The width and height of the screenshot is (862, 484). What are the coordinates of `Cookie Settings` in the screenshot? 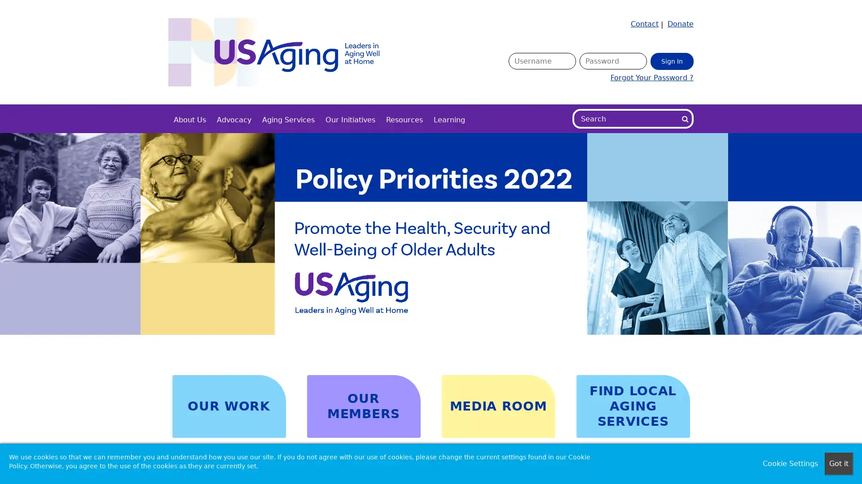 It's located at (790, 463).